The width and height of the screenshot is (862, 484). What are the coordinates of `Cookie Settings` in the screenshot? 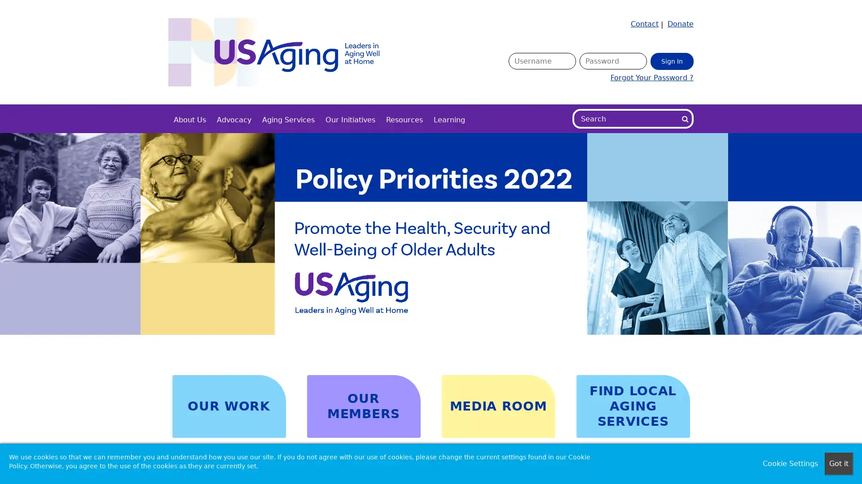 It's located at (790, 463).